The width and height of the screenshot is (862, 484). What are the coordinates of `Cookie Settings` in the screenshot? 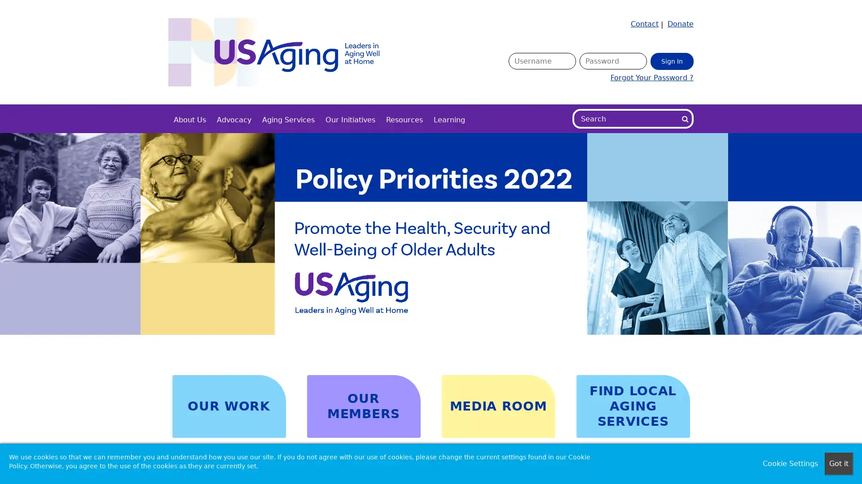 It's located at (790, 463).